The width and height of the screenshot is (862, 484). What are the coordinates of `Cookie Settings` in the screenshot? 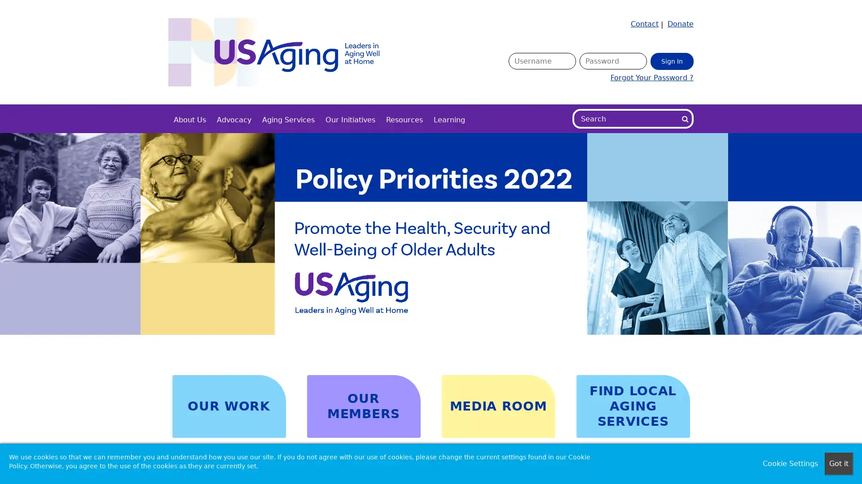 It's located at (790, 463).